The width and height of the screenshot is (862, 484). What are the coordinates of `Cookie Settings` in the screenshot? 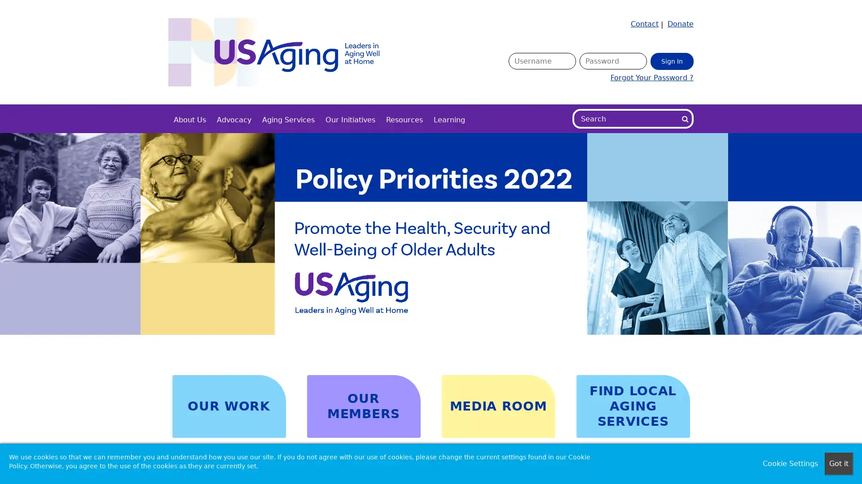 It's located at (790, 463).